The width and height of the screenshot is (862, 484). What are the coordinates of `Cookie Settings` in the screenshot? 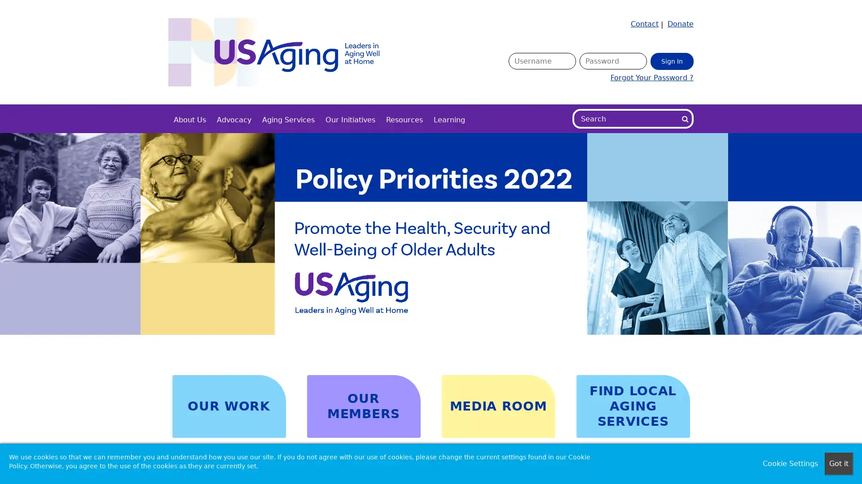 It's located at (790, 463).